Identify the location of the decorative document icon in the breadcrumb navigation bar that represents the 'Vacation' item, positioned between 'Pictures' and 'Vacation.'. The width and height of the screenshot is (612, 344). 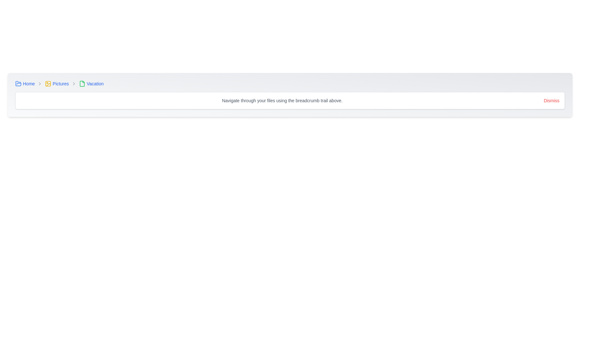
(82, 83).